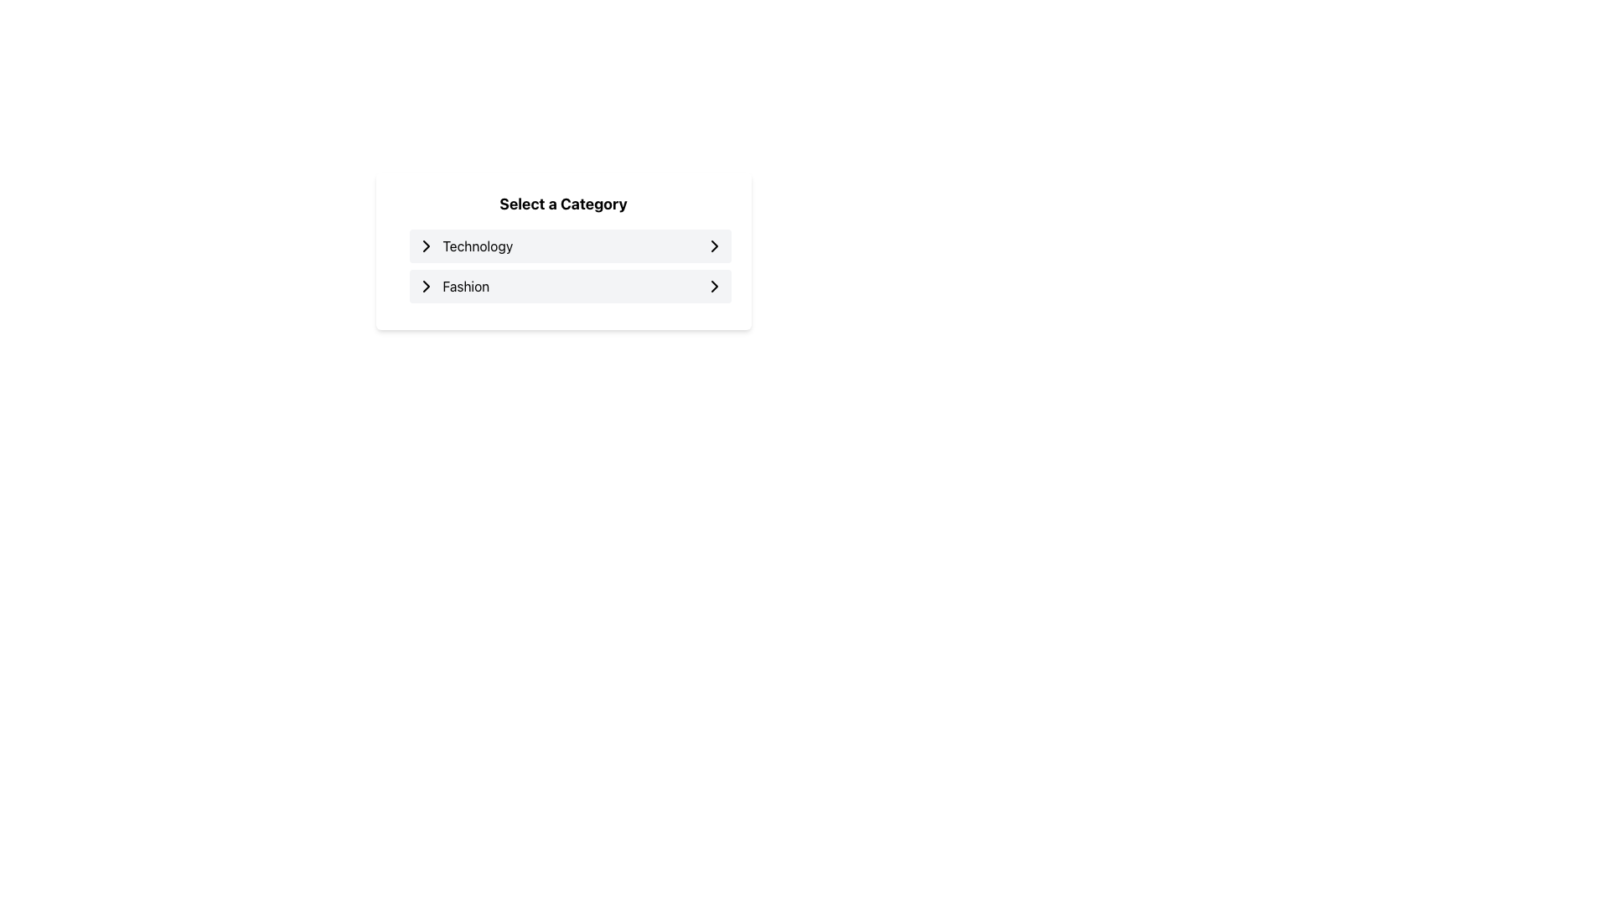 The height and width of the screenshot is (905, 1609). What do you see at coordinates (477, 246) in the screenshot?
I see `the 'Technology' text label` at bounding box center [477, 246].